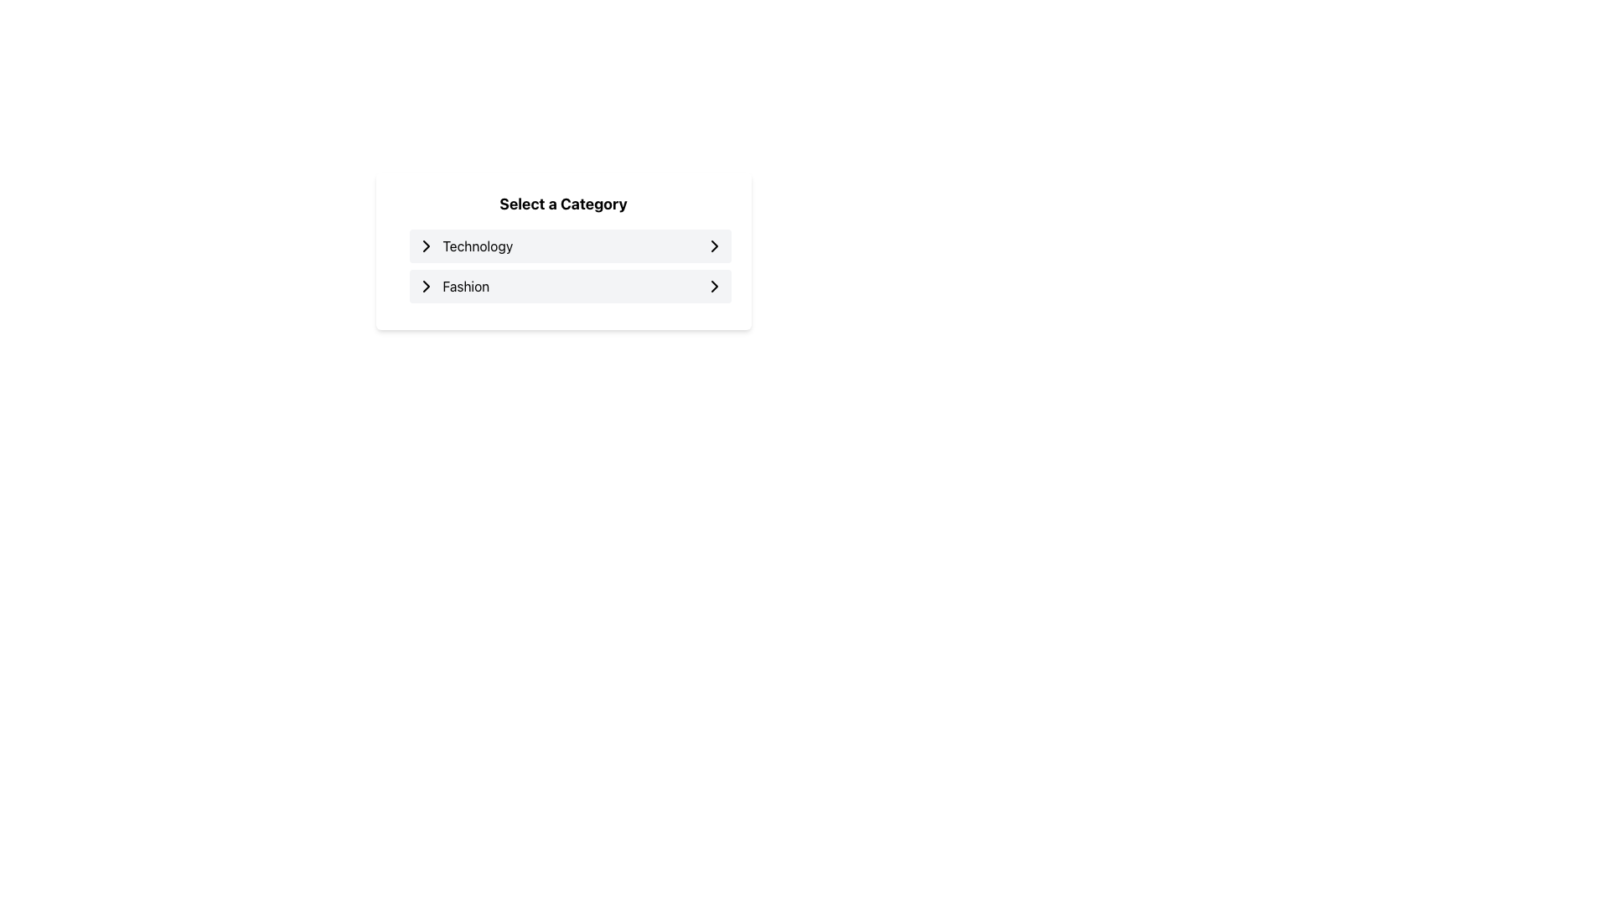 The height and width of the screenshot is (905, 1609). What do you see at coordinates (477, 246) in the screenshot?
I see `the 'Technology' text label` at bounding box center [477, 246].